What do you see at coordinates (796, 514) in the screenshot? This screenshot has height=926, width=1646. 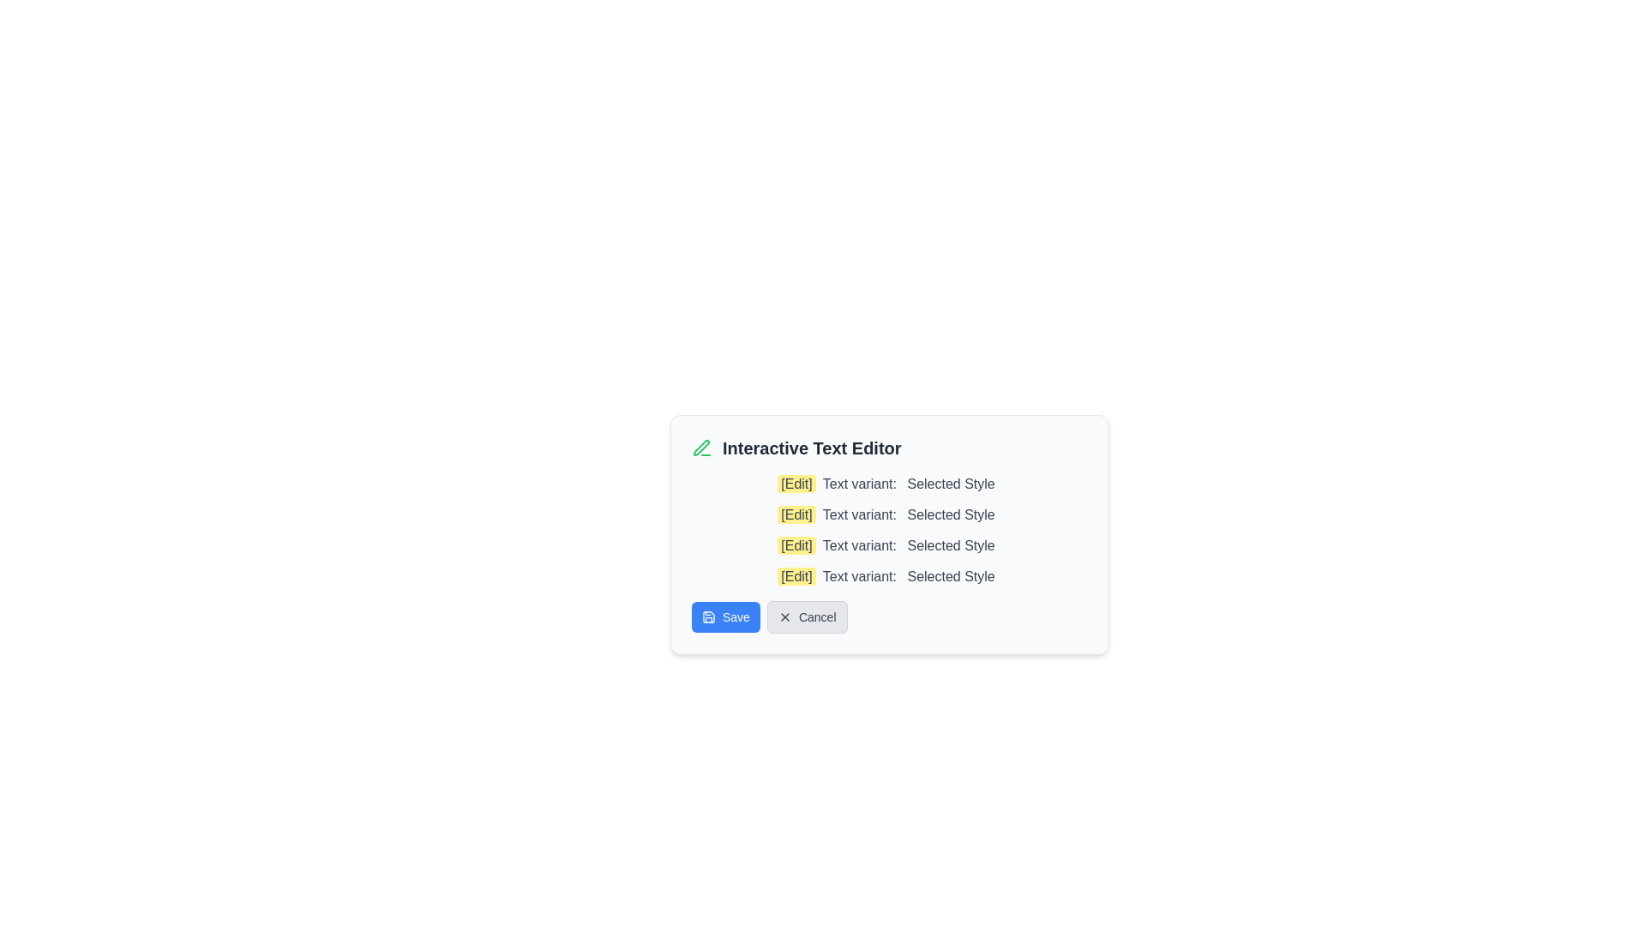 I see `the 'Edit' button displayed in square brackets with dark text on a yellow background` at bounding box center [796, 514].